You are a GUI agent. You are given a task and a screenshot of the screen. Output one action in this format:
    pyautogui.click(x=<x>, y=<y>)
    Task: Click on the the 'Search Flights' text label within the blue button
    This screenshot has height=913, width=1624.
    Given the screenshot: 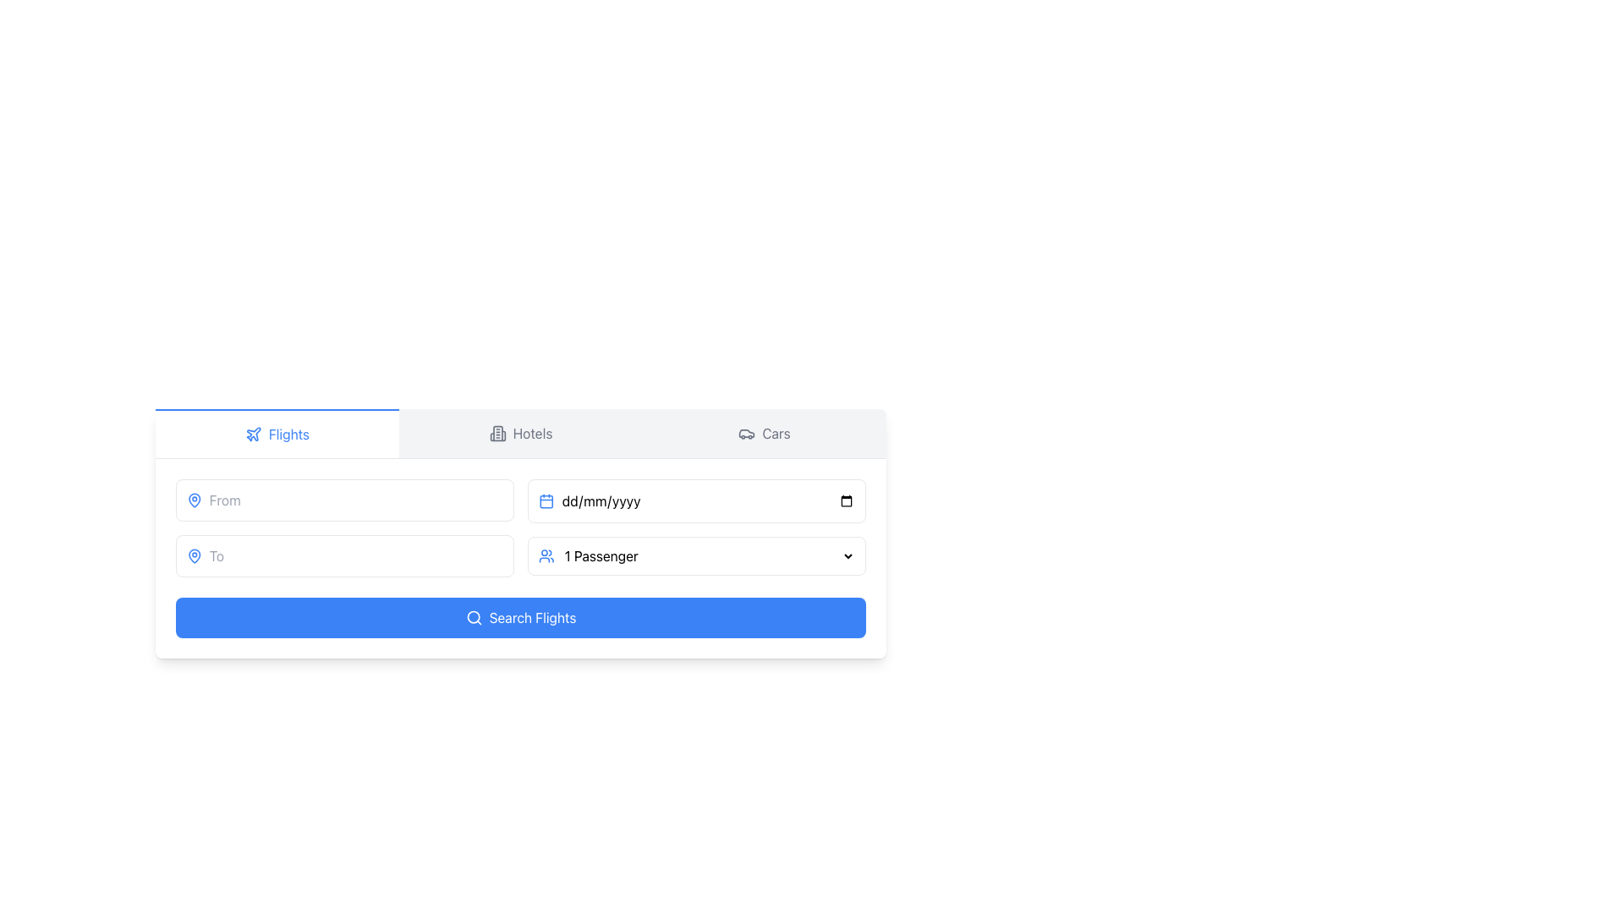 What is the action you would take?
    pyautogui.click(x=531, y=618)
    